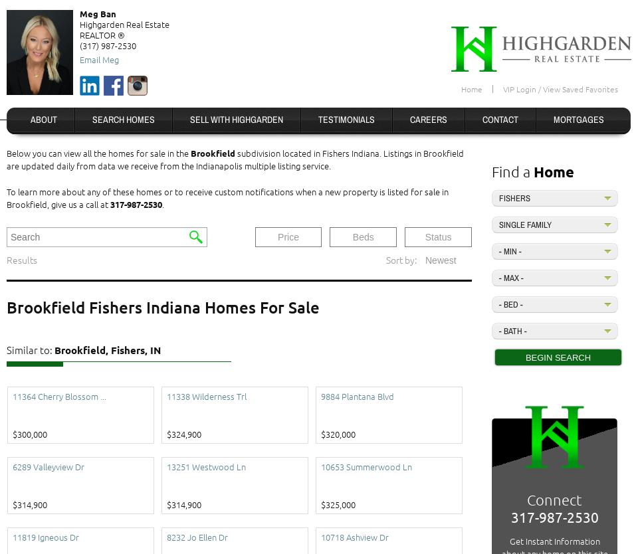 The width and height of the screenshot is (638, 554). What do you see at coordinates (5, 307) in the screenshot?
I see `'Brookfield Fishers Indiana Homes For Sale'` at bounding box center [5, 307].